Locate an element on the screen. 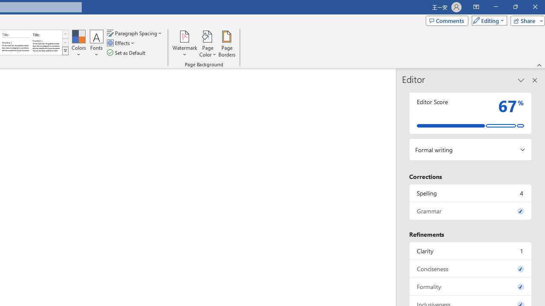 The width and height of the screenshot is (545, 306). 'Effects' is located at coordinates (121, 43).